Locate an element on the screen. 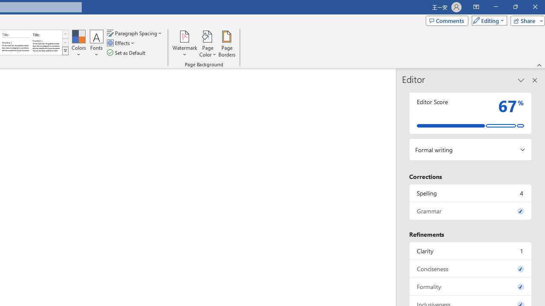 The width and height of the screenshot is (545, 306). 'Effects' is located at coordinates (121, 43).